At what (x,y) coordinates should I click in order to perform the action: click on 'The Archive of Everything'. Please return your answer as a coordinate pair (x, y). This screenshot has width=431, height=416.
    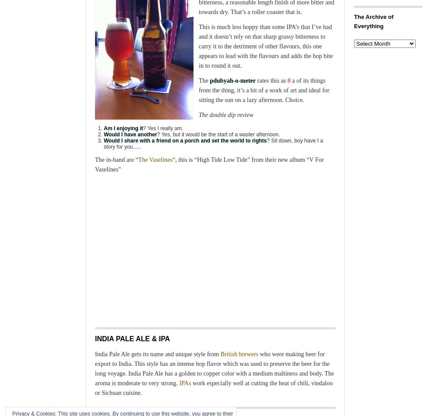
    Looking at the image, I should click on (373, 22).